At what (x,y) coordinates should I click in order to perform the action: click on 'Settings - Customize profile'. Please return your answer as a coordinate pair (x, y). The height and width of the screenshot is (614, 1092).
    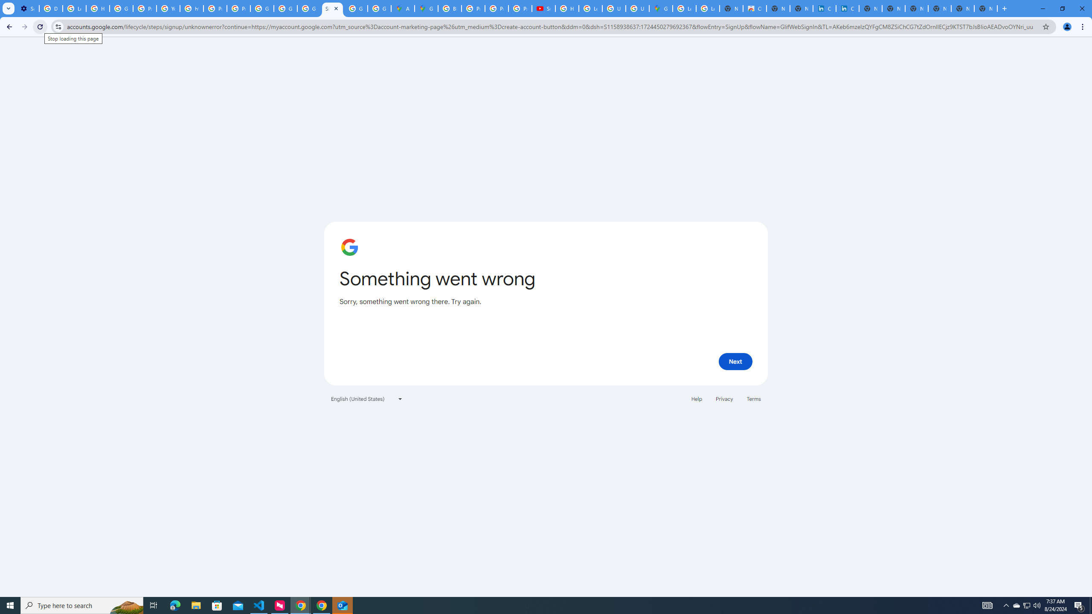
    Looking at the image, I should click on (27, 8).